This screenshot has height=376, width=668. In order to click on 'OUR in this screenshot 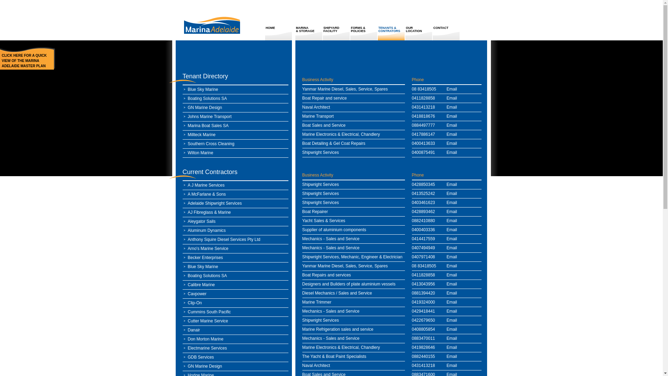, I will do `click(418, 33)`.